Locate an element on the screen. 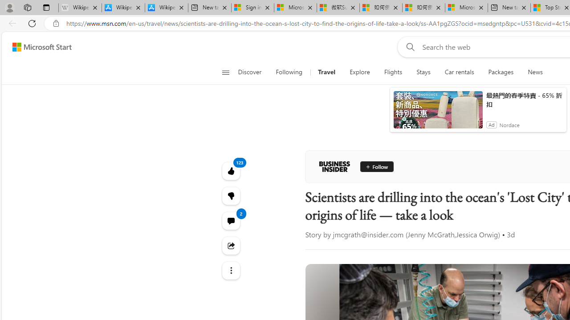 The width and height of the screenshot is (570, 320). 'Explore' is located at coordinates (360, 72).